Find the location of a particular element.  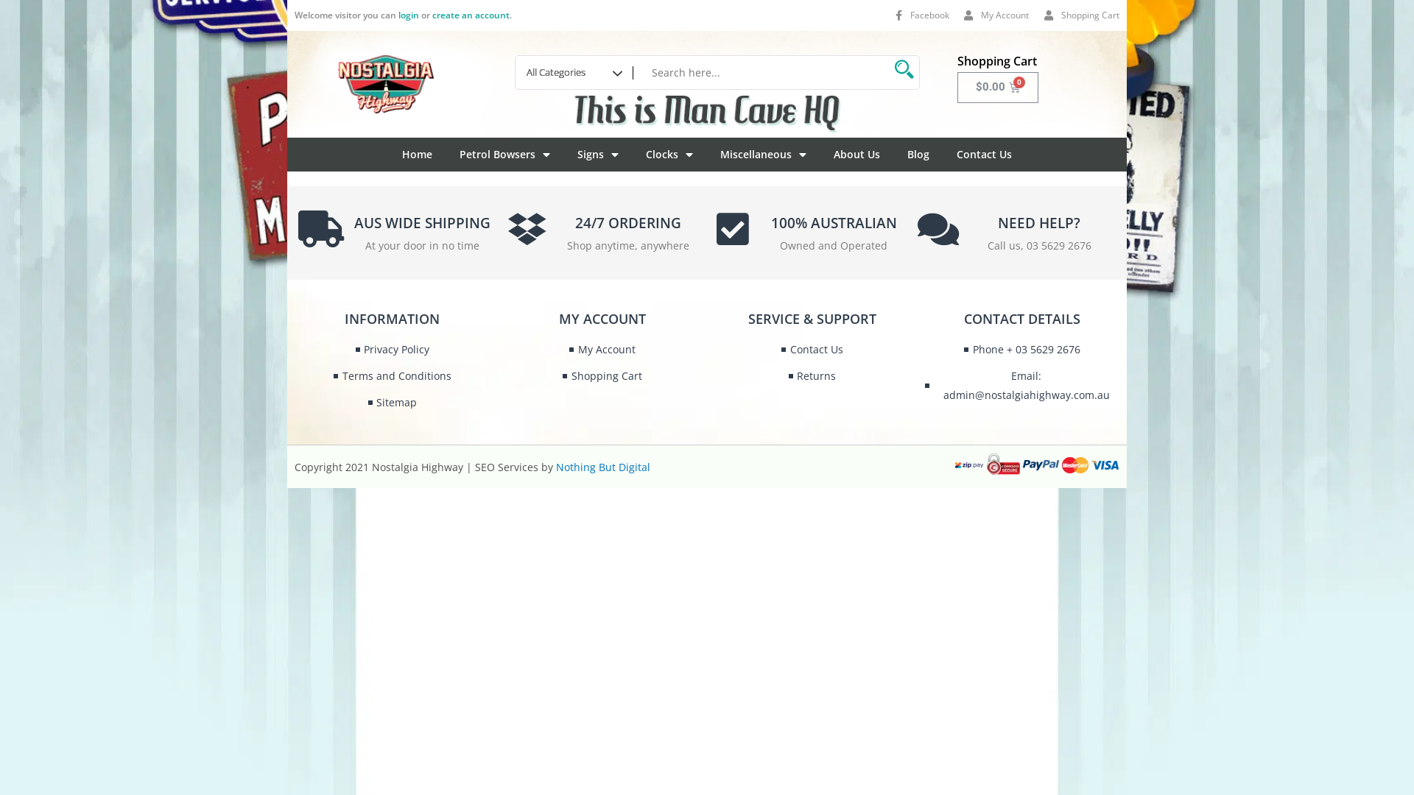

'Miscellaneous' is located at coordinates (763, 154).